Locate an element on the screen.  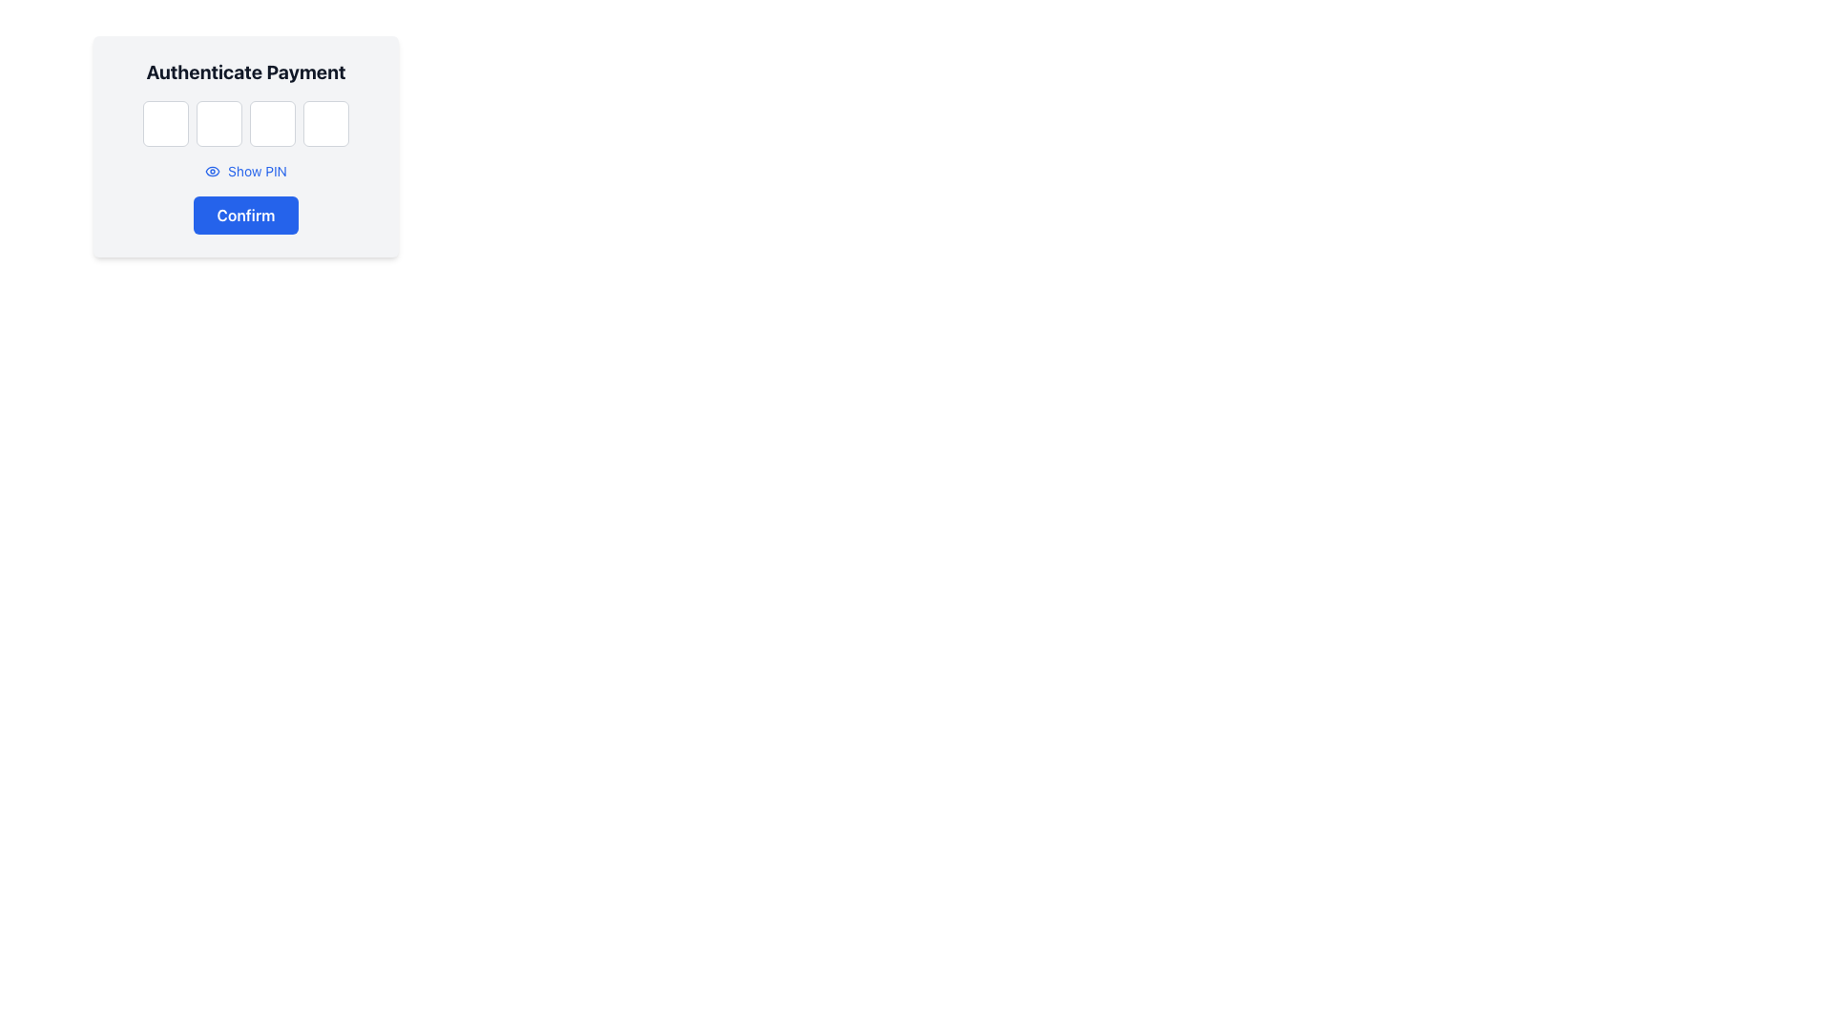
the third password input field in the 'Authenticate Payment' modal to focus on it is located at coordinates (272, 124).